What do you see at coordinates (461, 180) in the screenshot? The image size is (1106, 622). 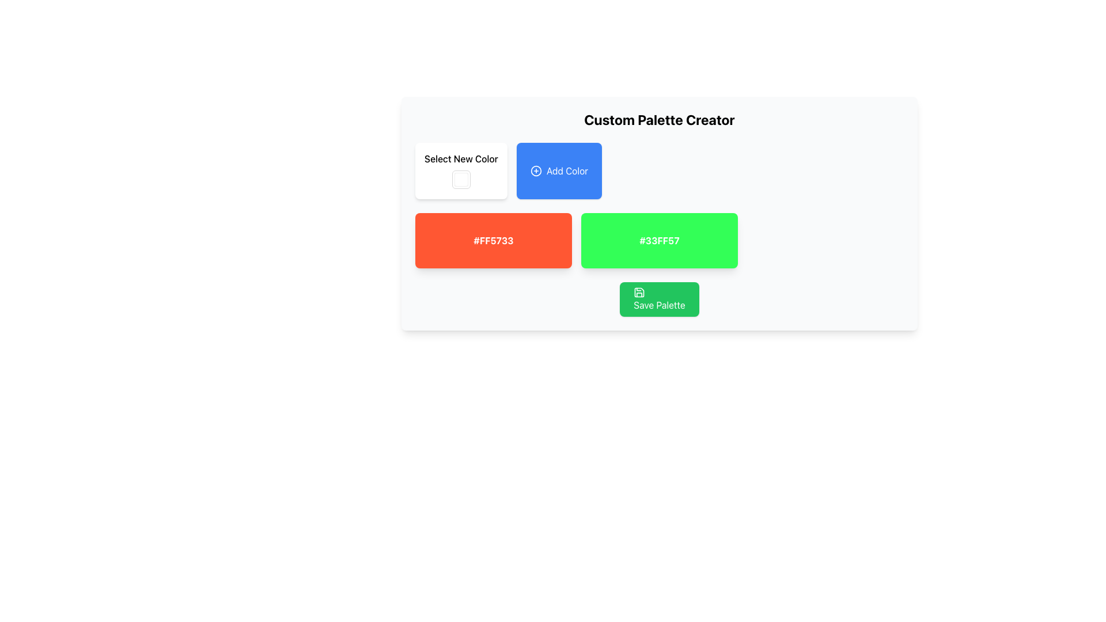 I see `the Color Picker Preview, a small square area with a white background located within the 'Select New Color' tile` at bounding box center [461, 180].